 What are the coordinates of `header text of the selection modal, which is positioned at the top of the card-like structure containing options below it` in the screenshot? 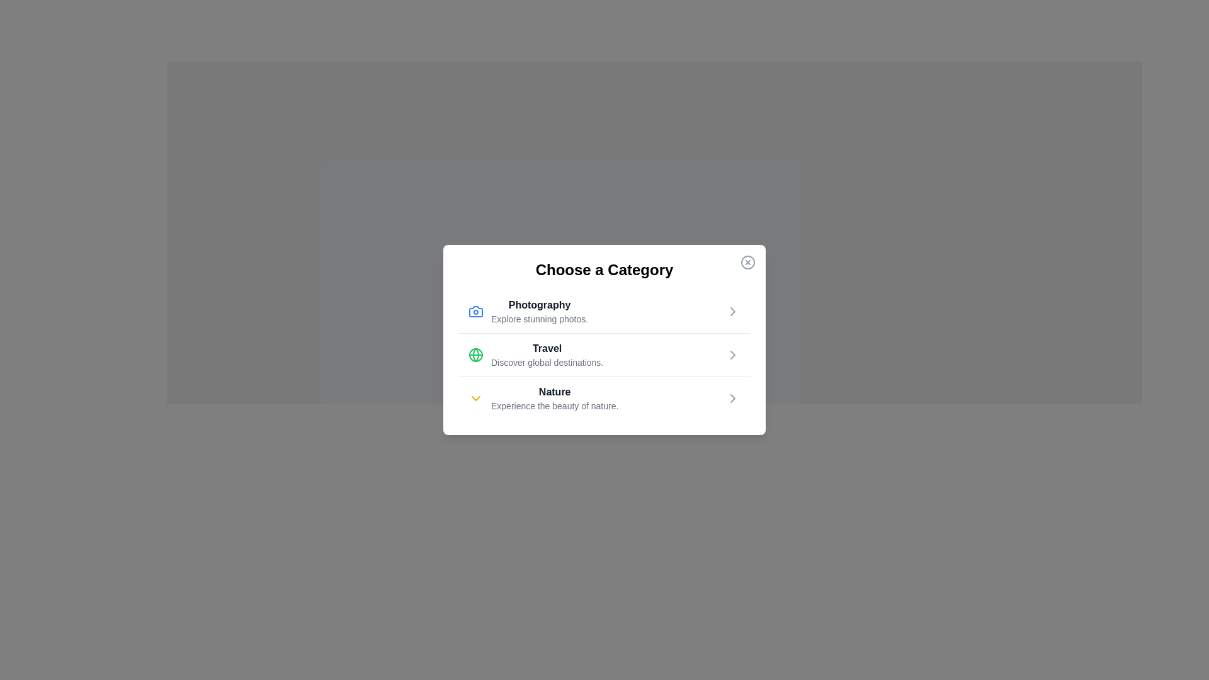 It's located at (604, 269).